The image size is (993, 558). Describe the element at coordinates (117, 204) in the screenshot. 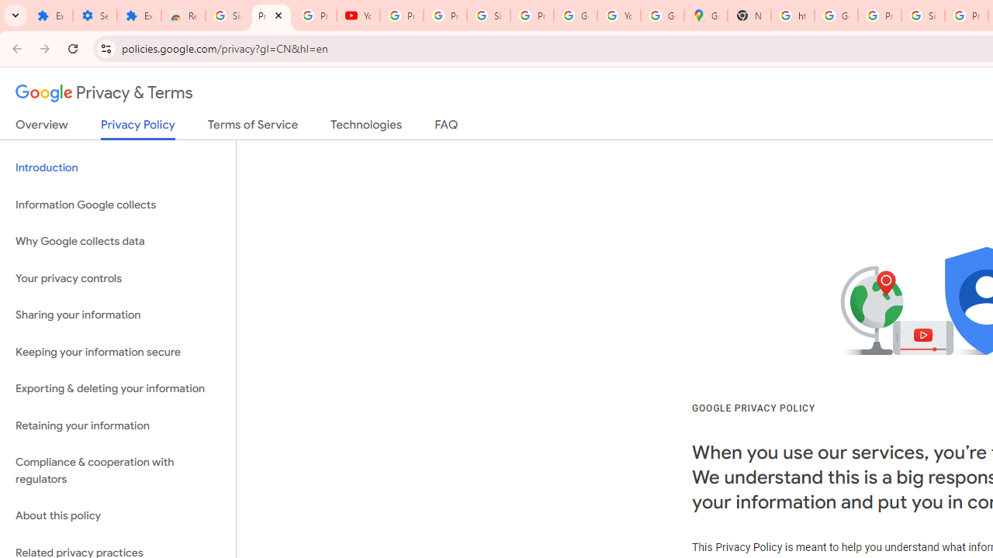

I see `'Information Google collects'` at that location.